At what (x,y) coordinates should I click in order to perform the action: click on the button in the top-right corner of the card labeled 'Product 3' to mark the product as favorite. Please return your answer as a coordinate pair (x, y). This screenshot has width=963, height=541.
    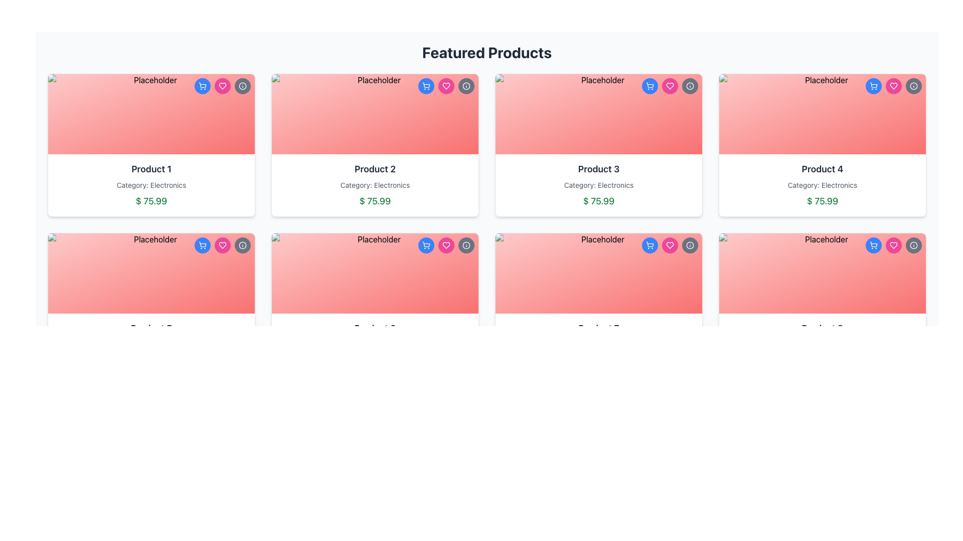
    Looking at the image, I should click on (670, 86).